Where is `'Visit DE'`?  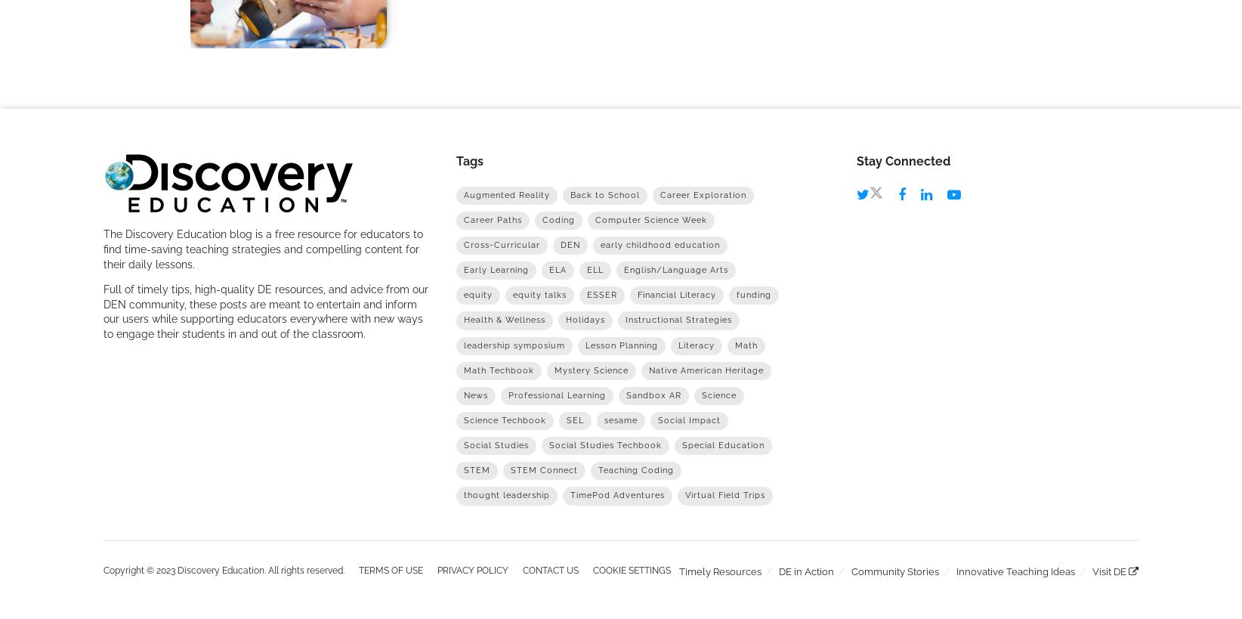
'Visit DE' is located at coordinates (1111, 570).